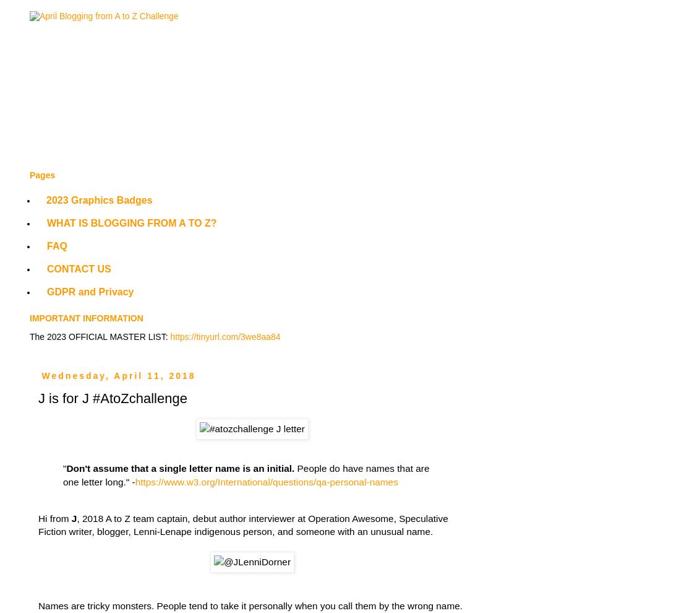 This screenshot has height=613, width=679. Describe the element at coordinates (113, 398) in the screenshot. I see `'J is for J #AtoZchallenge'` at that location.